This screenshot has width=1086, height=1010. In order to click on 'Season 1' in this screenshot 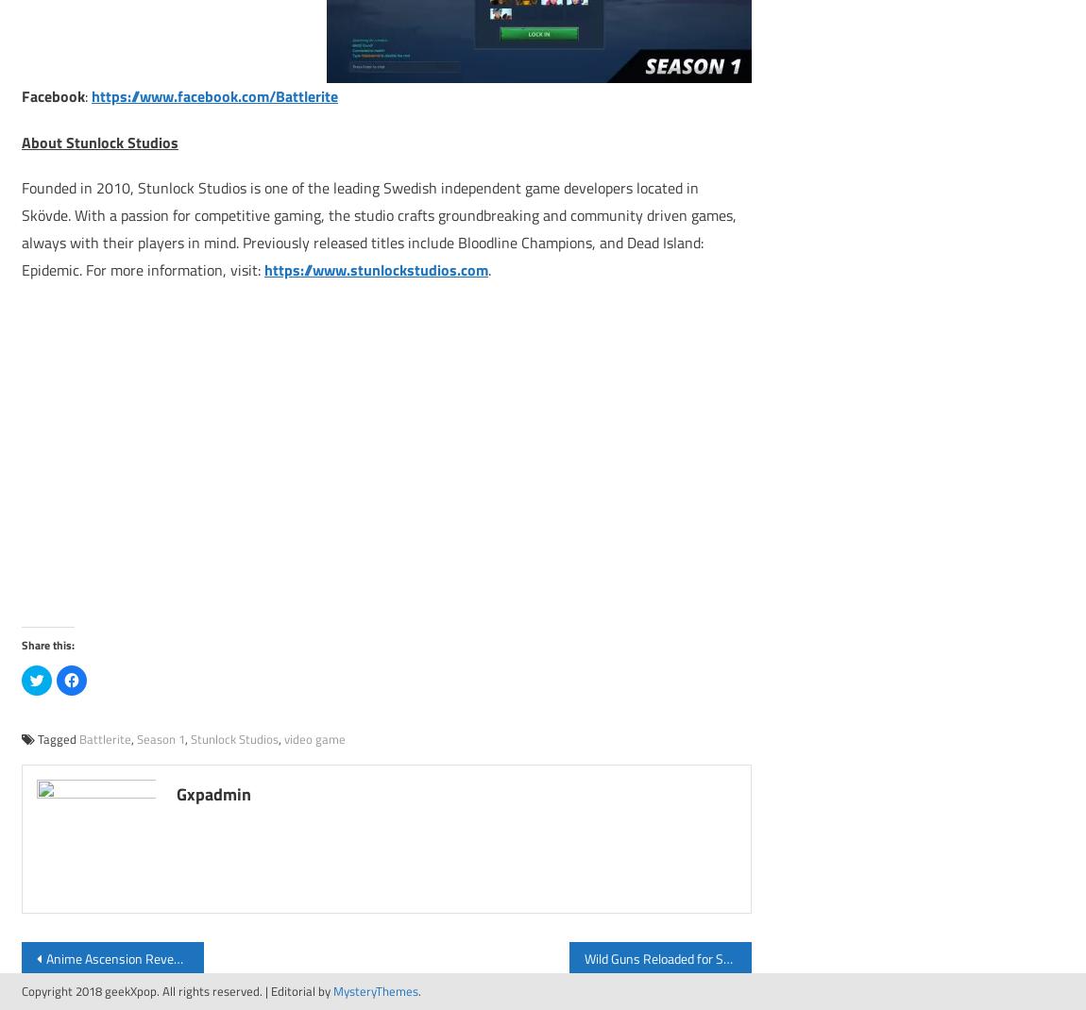, I will do `click(160, 736)`.